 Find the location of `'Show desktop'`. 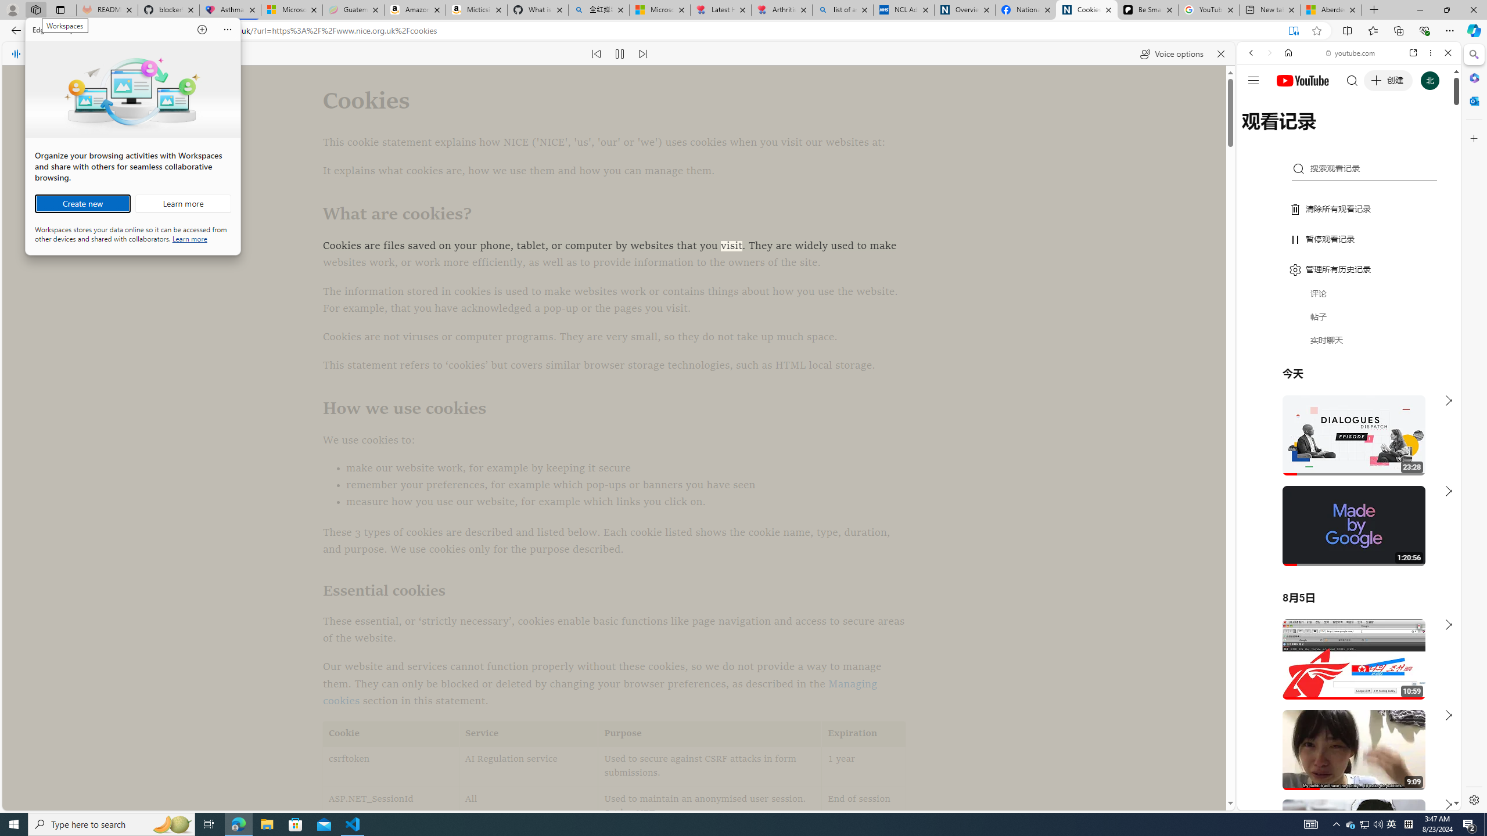

'Show desktop' is located at coordinates (1485, 823).